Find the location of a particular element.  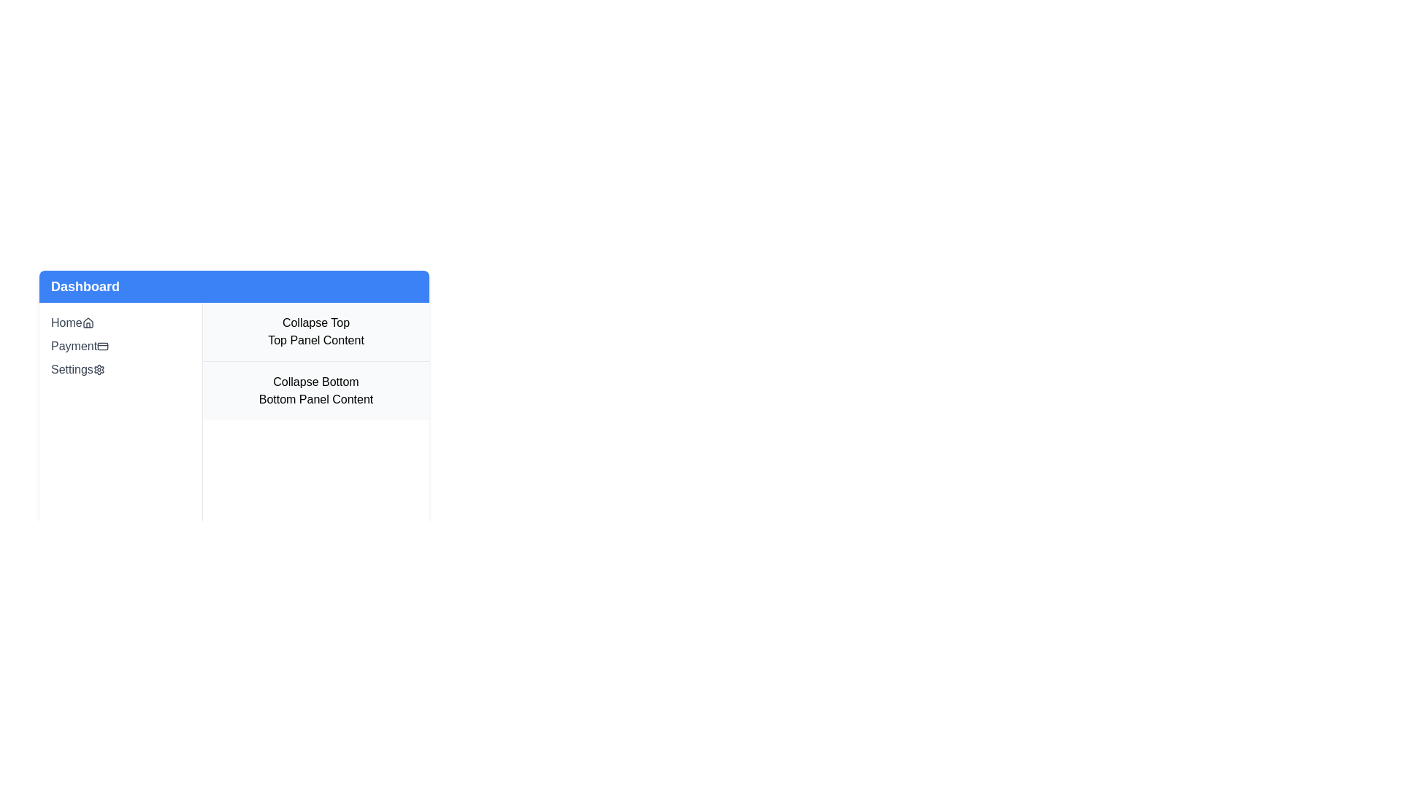

the button that collapses or expands the 'Top Panel', located above the 'Top Panel Content' text in the sidebar navigation labeled 'Dashboard' is located at coordinates (315, 322).